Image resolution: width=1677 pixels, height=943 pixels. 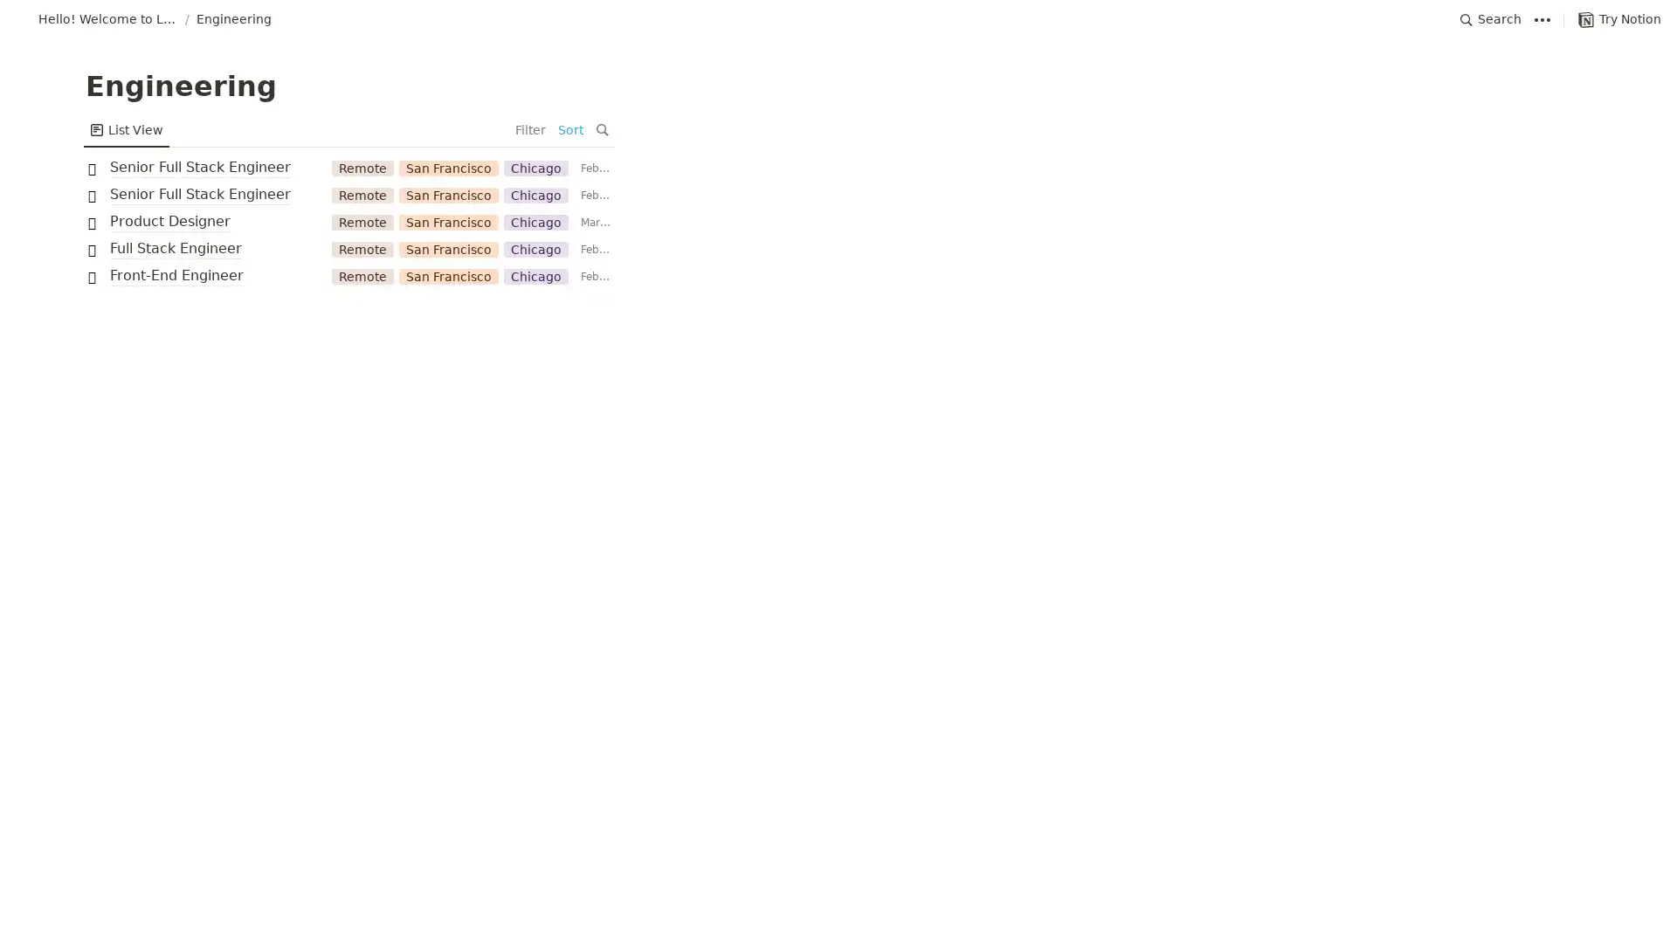 I want to click on Senior Full Stack Engineer Remote San Francisco Chicago February 26, 2022 2:41 PM, so click(x=838, y=168).